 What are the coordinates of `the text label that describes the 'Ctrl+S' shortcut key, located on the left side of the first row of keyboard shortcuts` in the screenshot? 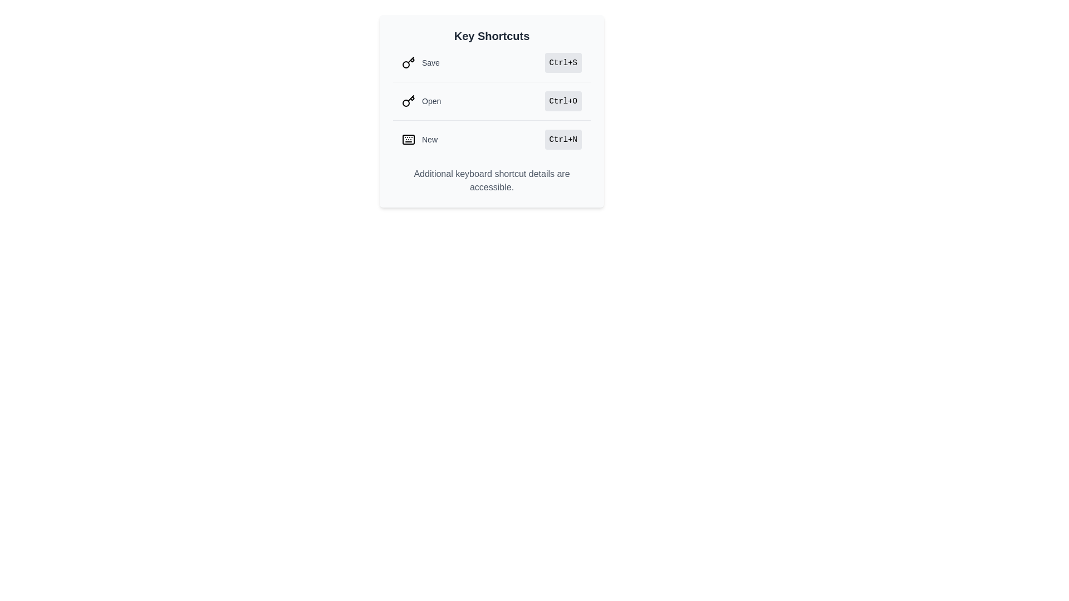 It's located at (430, 62).